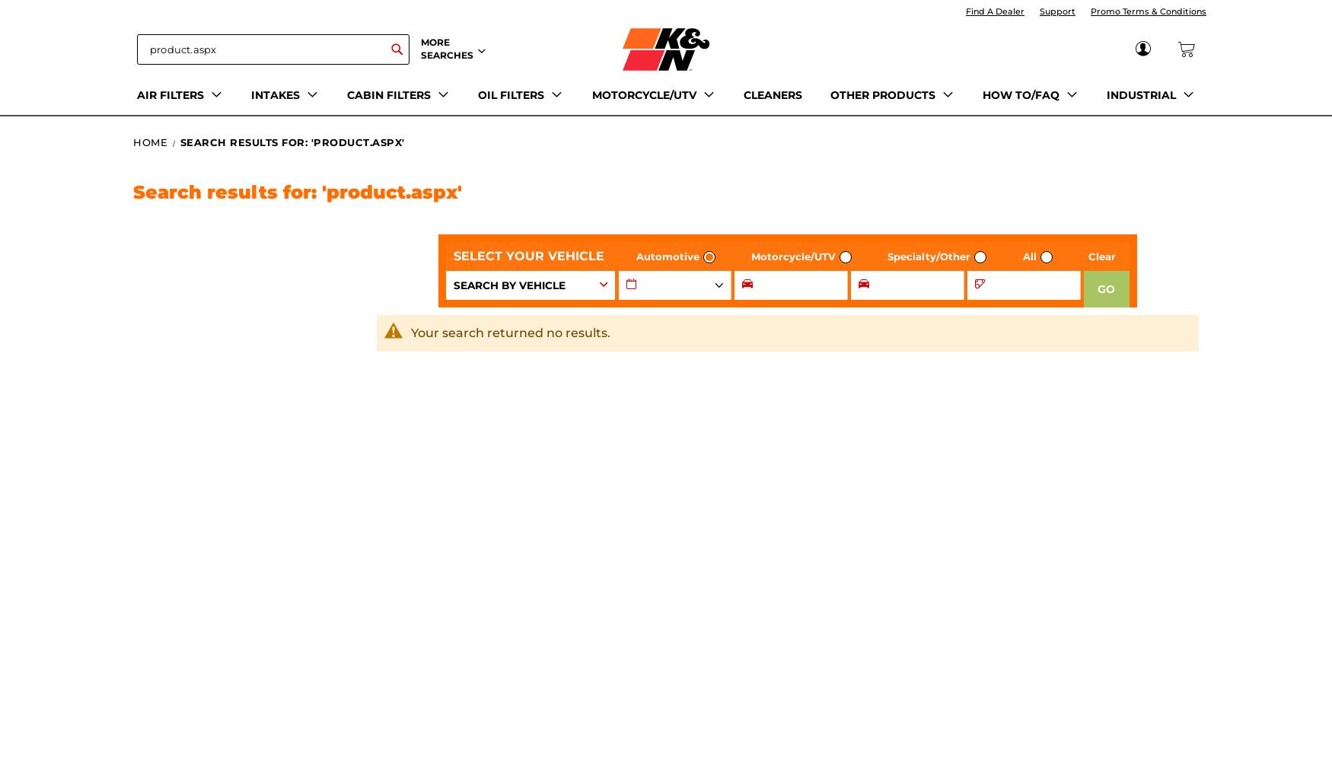  I want to click on 'CABIN FILTERS', so click(347, 94).